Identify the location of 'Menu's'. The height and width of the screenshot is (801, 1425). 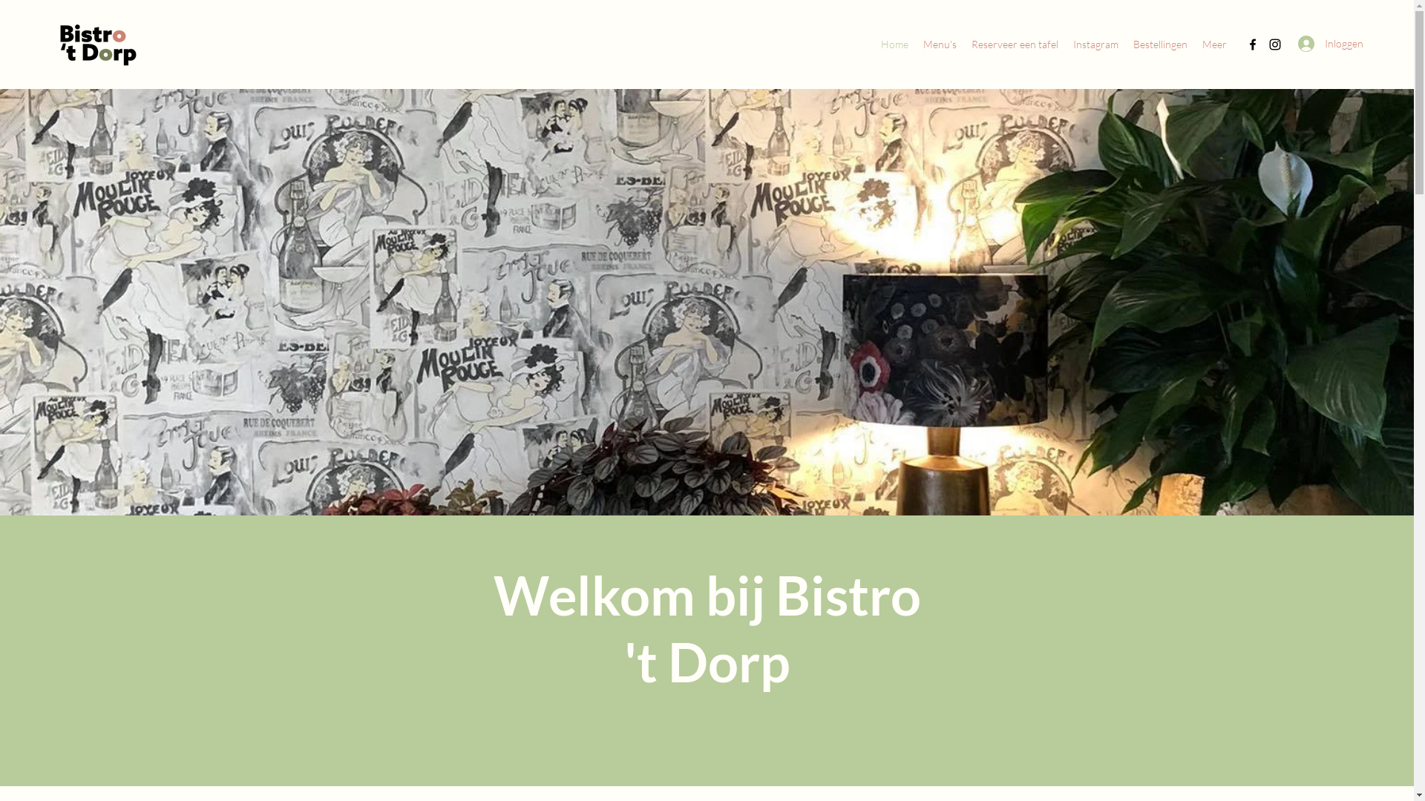
(939, 44).